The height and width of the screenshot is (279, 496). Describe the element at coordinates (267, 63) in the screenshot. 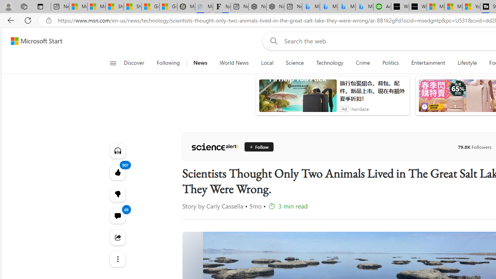

I see `'Local'` at that location.